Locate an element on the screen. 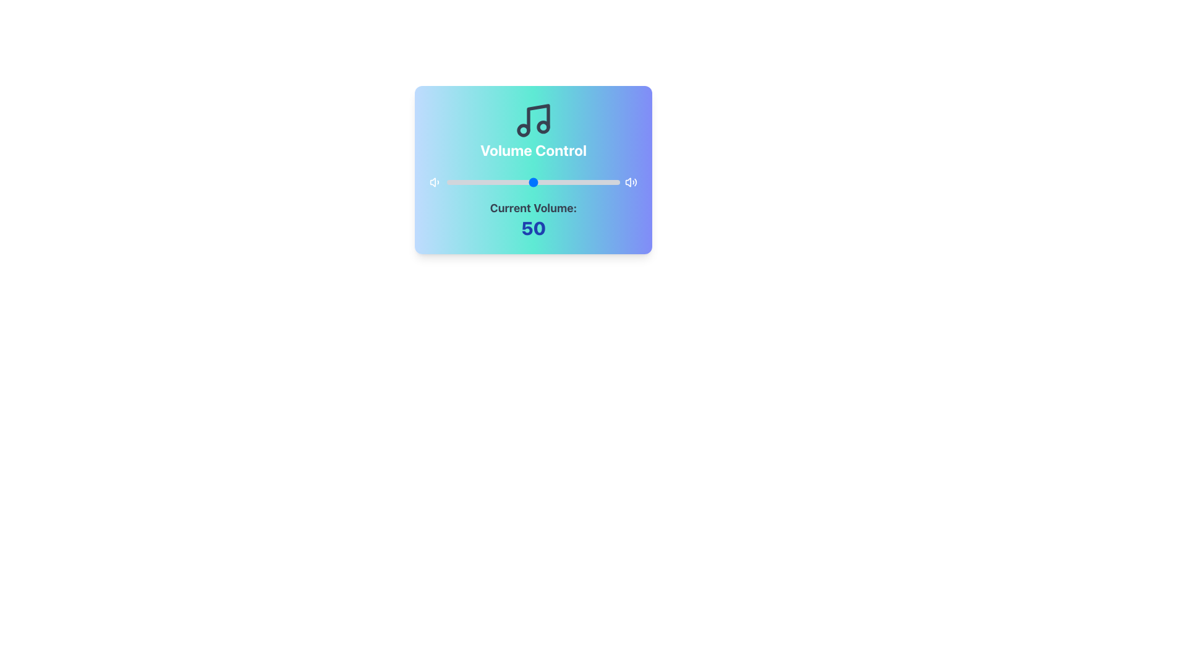  the slider is located at coordinates (507, 182).